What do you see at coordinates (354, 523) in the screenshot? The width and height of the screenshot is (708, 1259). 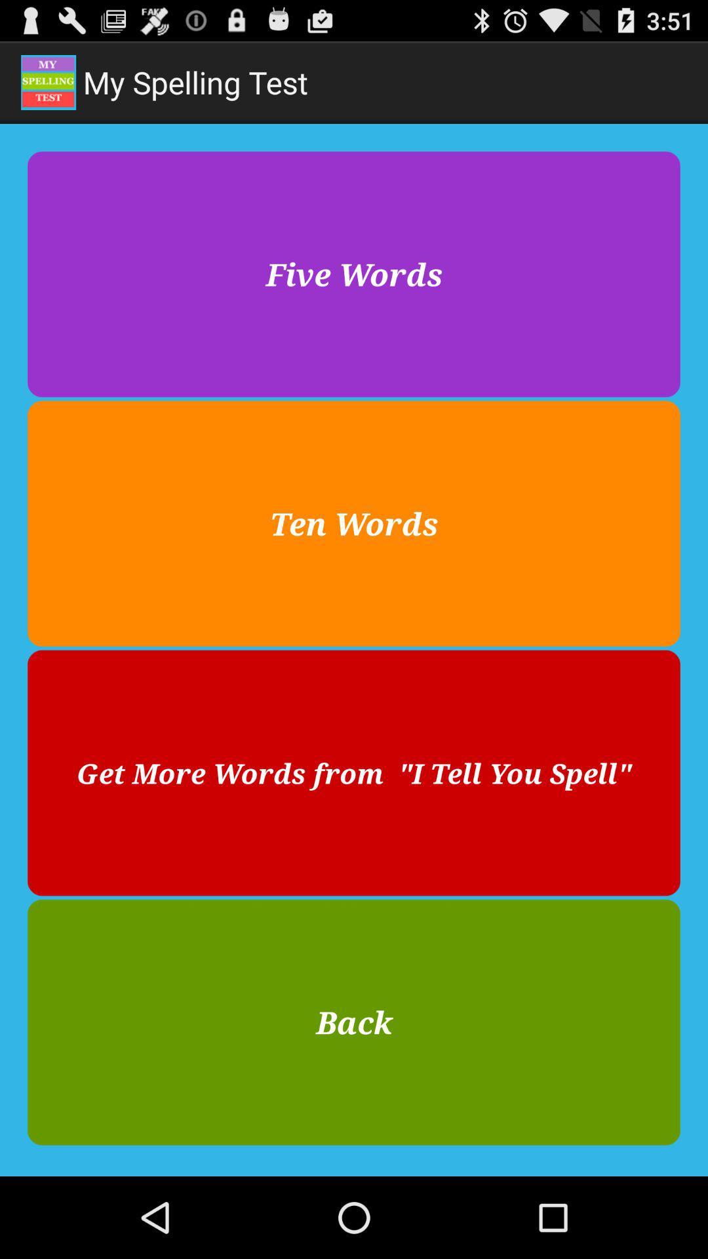 I see `the ten words item` at bounding box center [354, 523].